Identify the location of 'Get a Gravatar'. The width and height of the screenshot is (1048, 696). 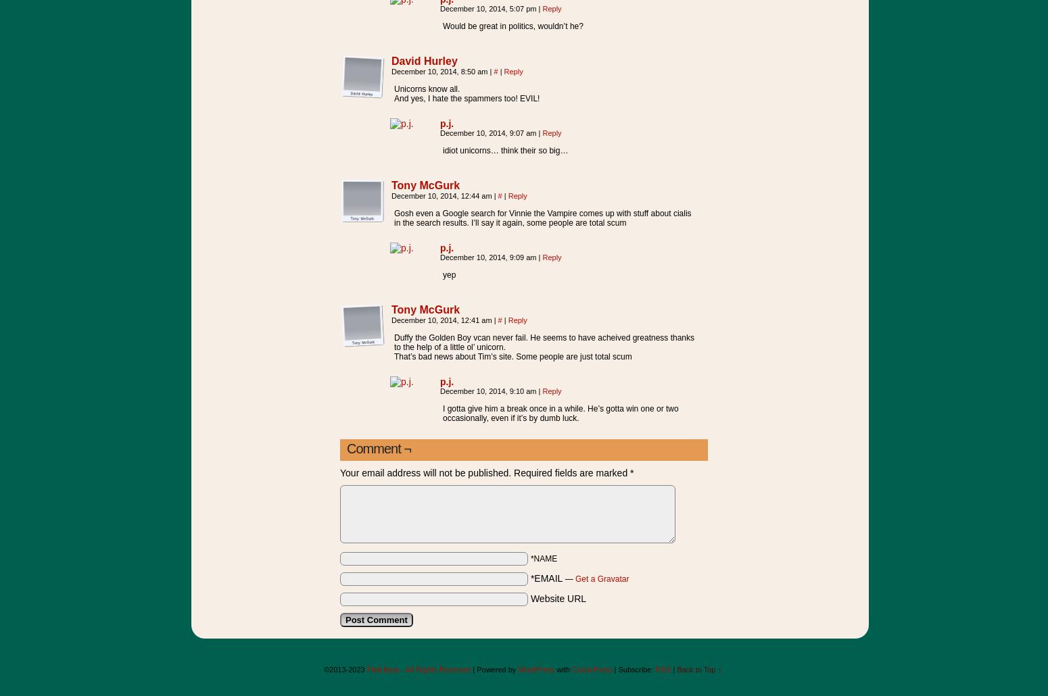
(602, 578).